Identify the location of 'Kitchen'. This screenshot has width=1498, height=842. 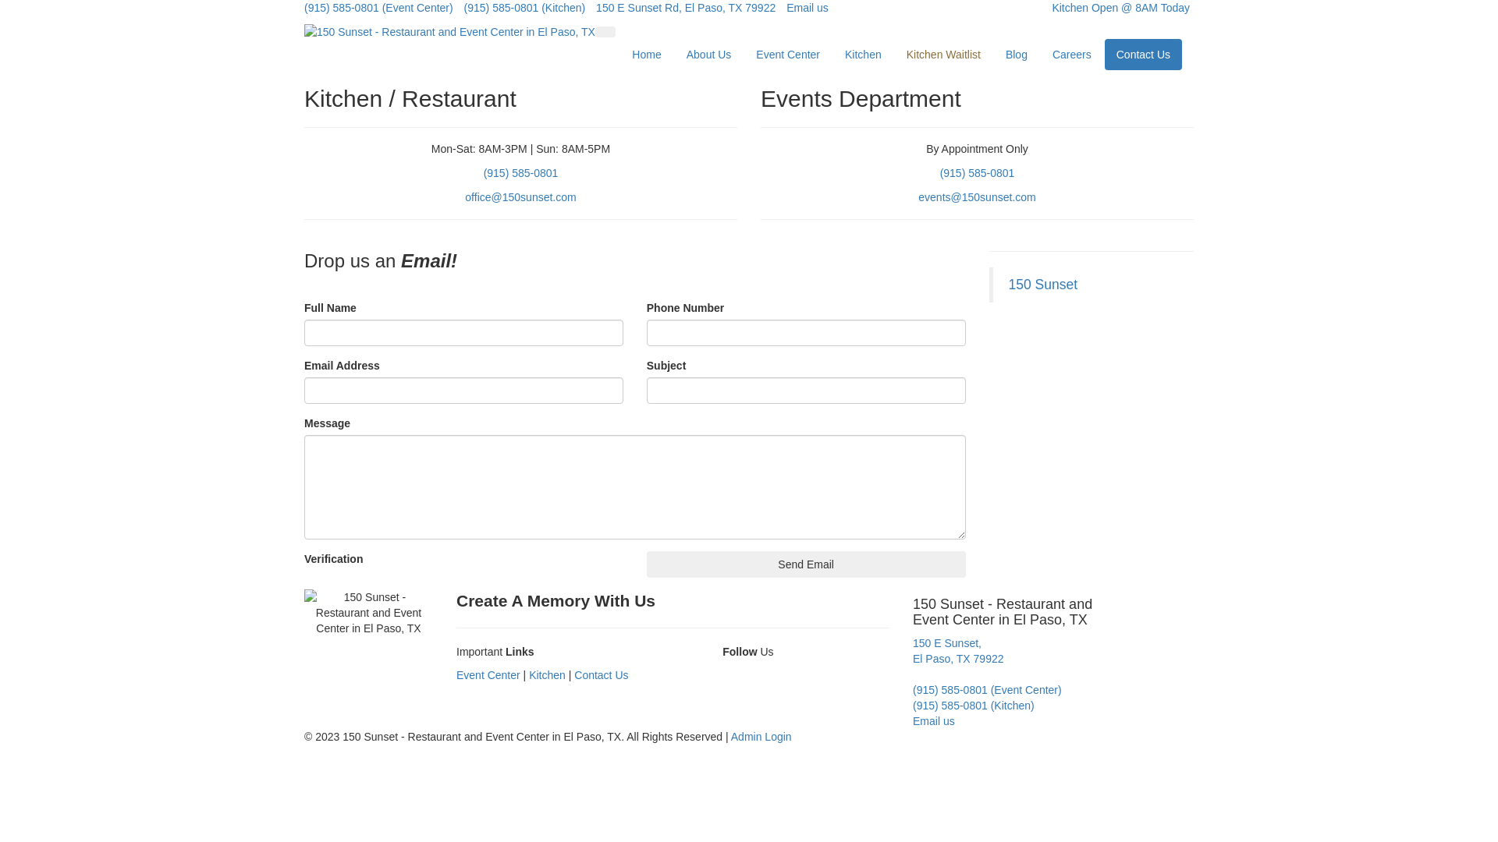
(528, 674).